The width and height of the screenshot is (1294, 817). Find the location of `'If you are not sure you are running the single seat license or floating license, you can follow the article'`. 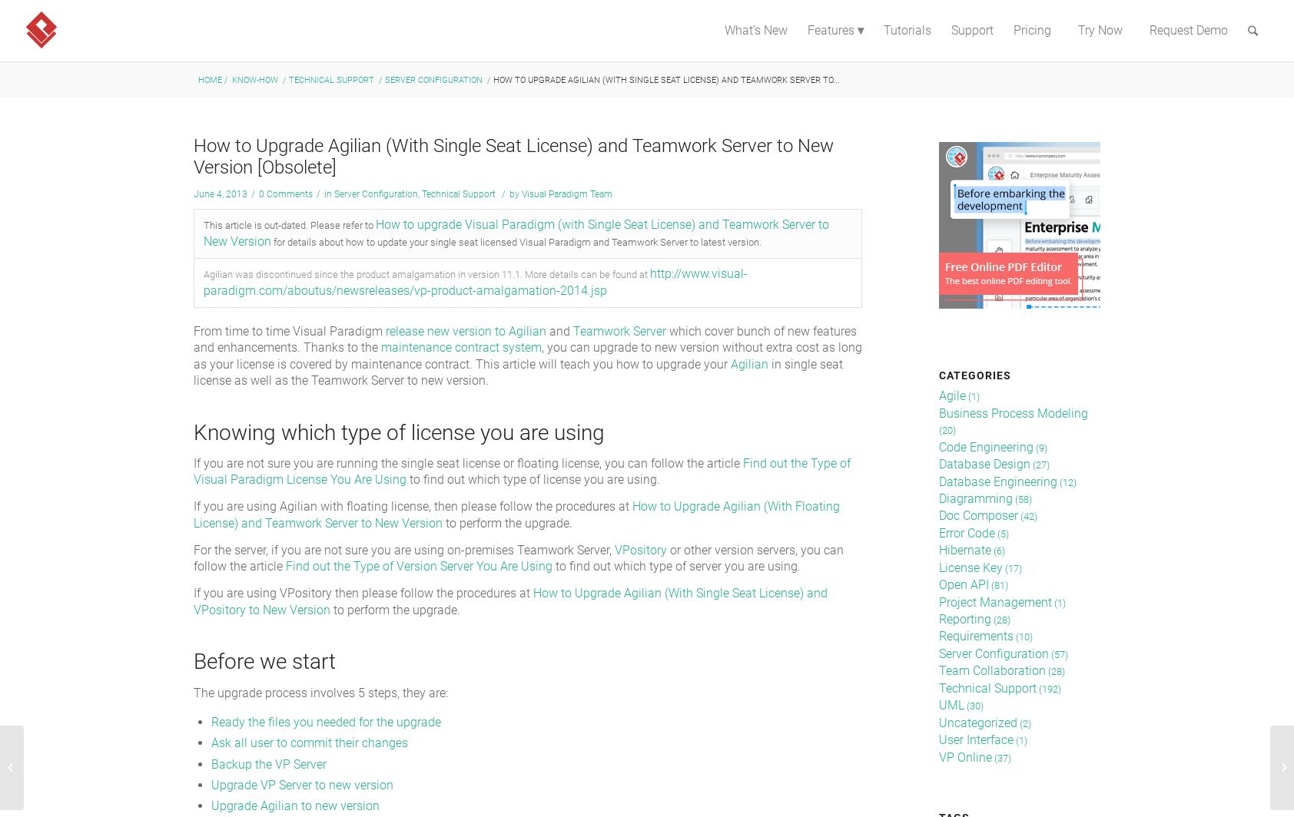

'If you are not sure you are running the single seat license or floating license, you can follow the article' is located at coordinates (467, 462).